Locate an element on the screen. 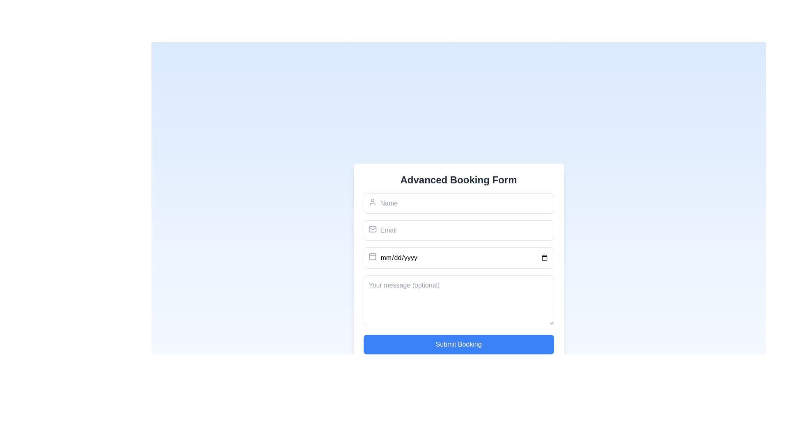  the email icon located on the left side of the 'Email' input field, which visually indicates that the field is for entering an email address is located at coordinates (372, 229).